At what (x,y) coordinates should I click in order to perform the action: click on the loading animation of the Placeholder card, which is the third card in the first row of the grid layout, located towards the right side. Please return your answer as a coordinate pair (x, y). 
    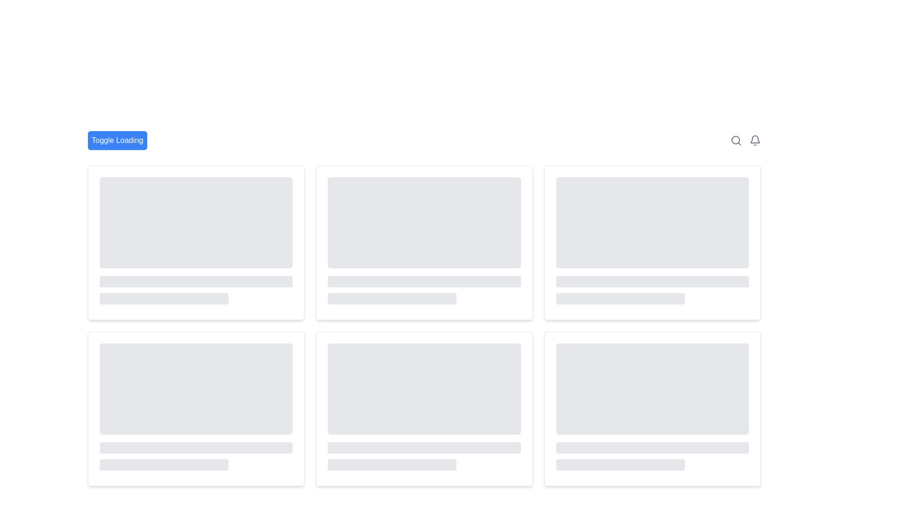
    Looking at the image, I should click on (652, 242).